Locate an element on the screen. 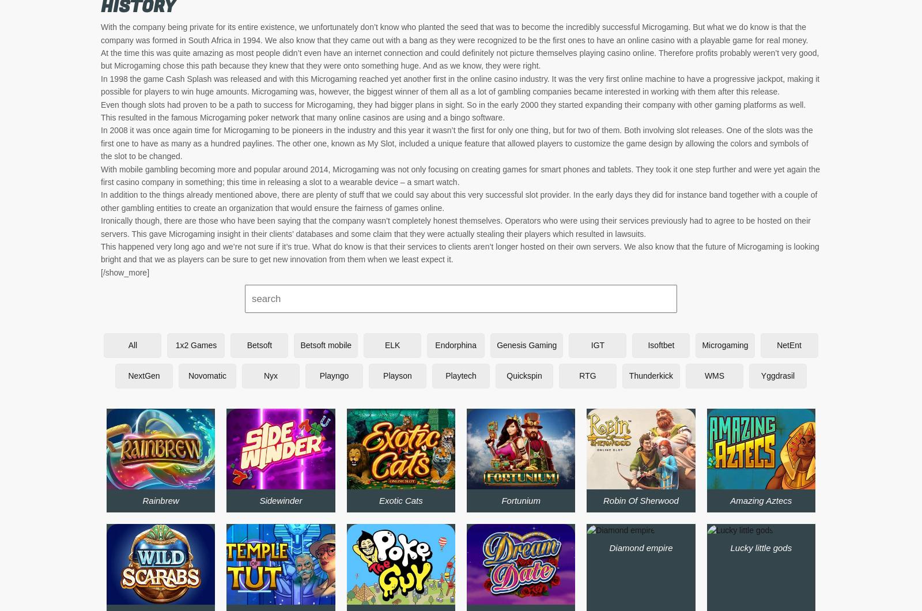  'Break away' is located at coordinates (400, 274).